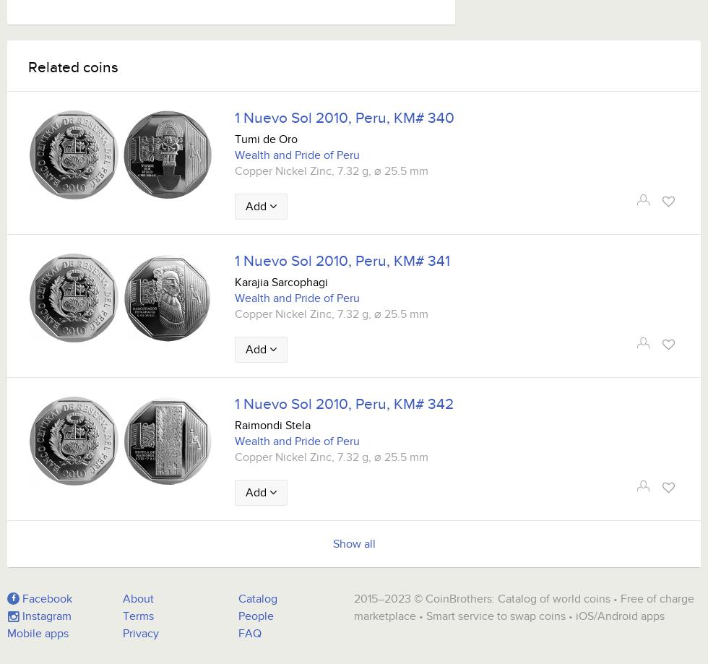 The height and width of the screenshot is (664, 708). I want to click on 'KM# 340', so click(424, 117).